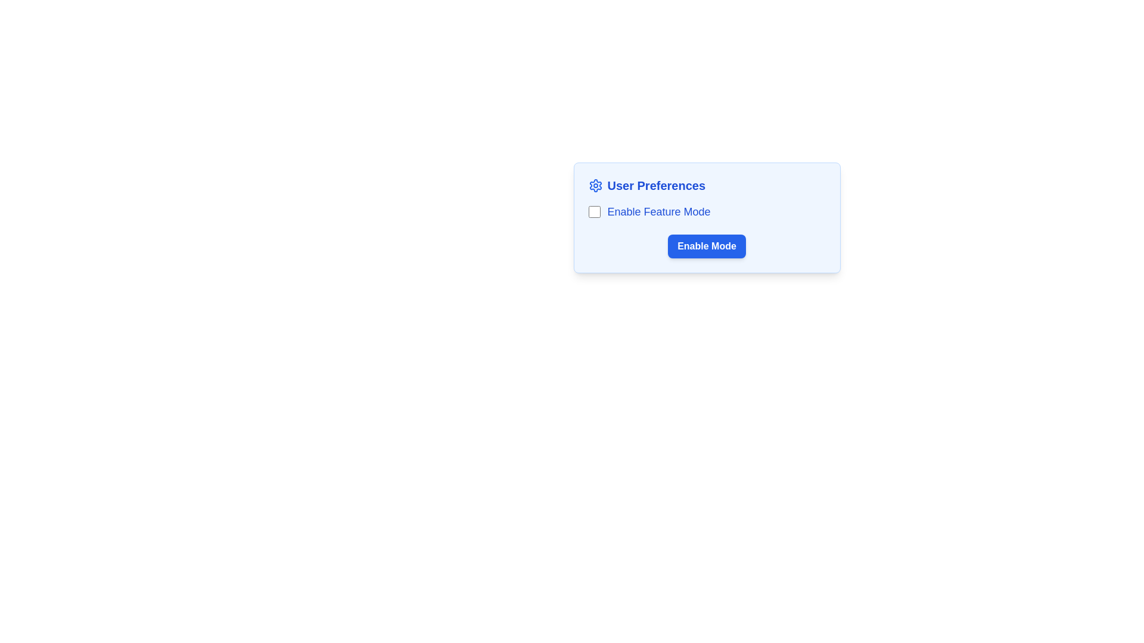 This screenshot has height=643, width=1144. Describe the element at coordinates (655, 186) in the screenshot. I see `text label displaying 'User Preferences', which is a bold, blue font adjacent to a cogwheel icon in a light blue section` at that location.